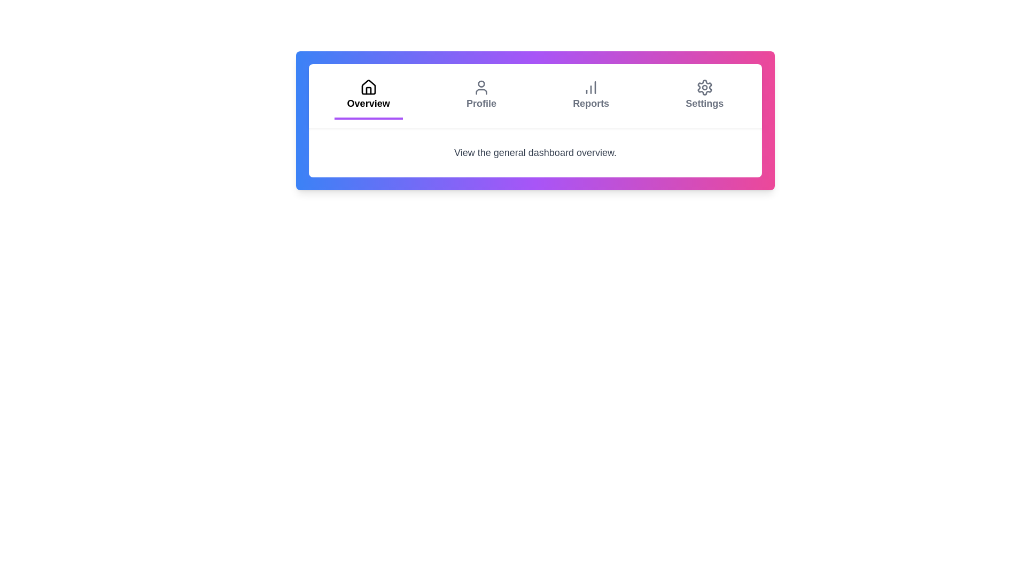 The height and width of the screenshot is (577, 1026). I want to click on the navigation button located between the 'Overview' and 'Reports' options, so click(480, 96).